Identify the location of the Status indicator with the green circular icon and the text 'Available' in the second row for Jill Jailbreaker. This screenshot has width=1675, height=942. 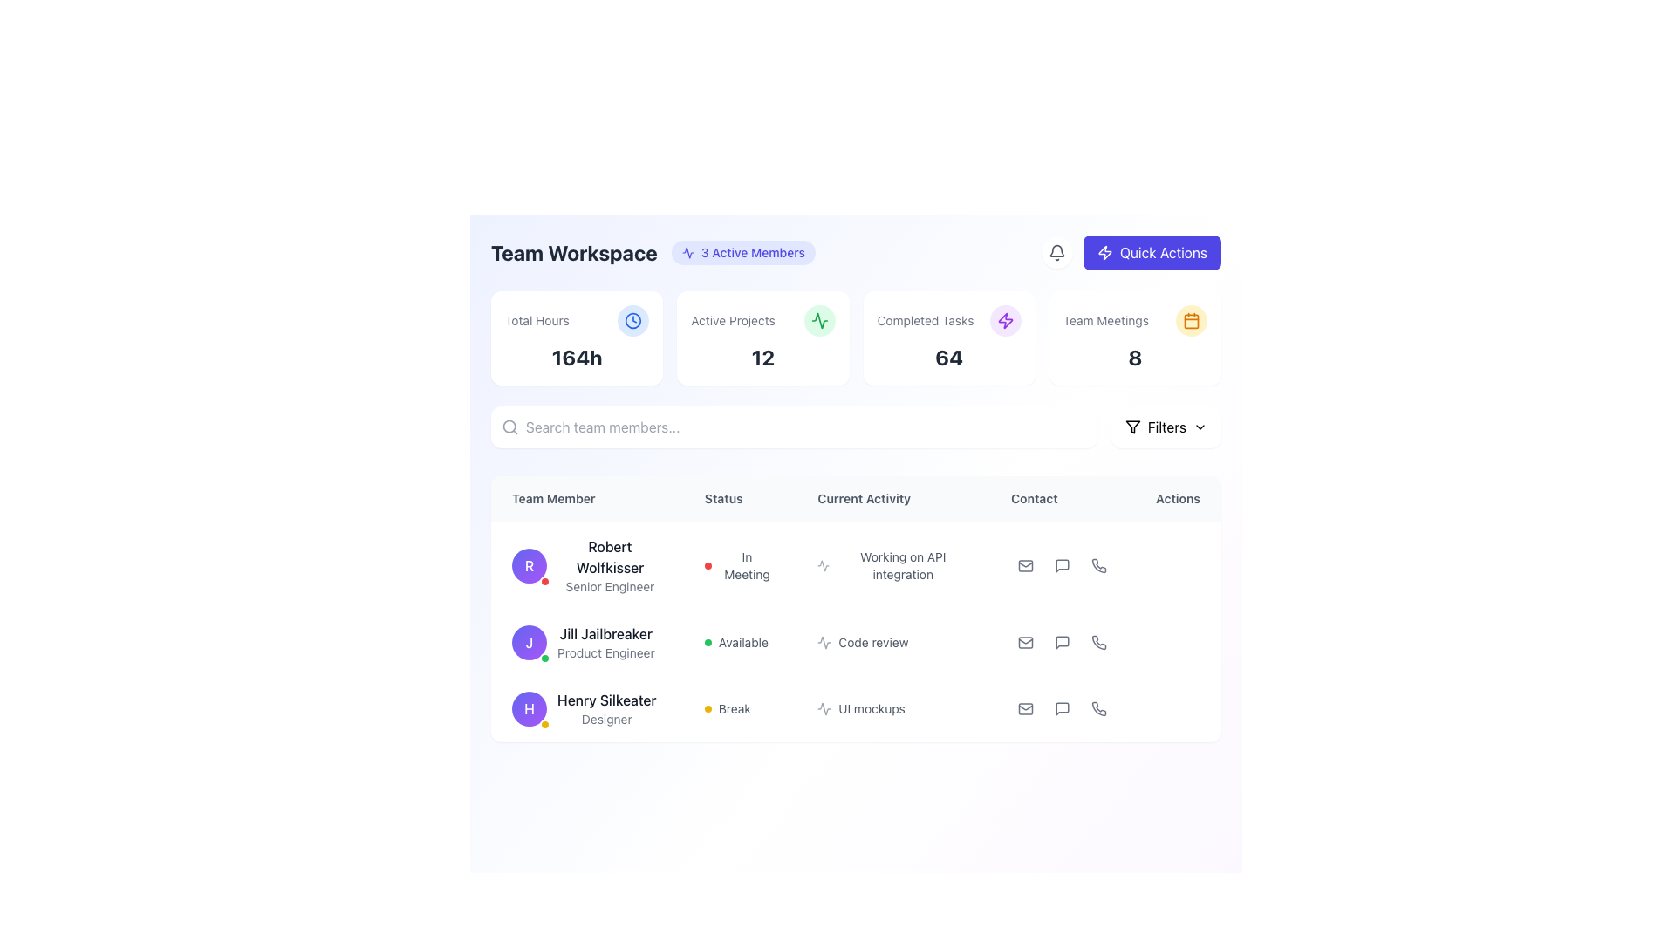
(740, 642).